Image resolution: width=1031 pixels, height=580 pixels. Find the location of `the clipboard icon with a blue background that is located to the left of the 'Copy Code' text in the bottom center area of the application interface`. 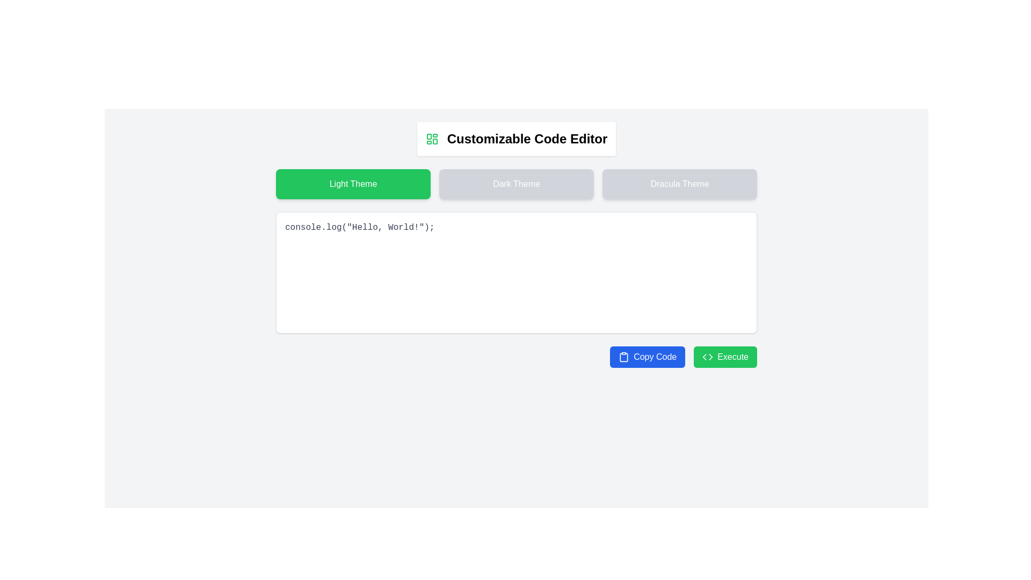

the clipboard icon with a blue background that is located to the left of the 'Copy Code' text in the bottom center area of the application interface is located at coordinates (624, 357).